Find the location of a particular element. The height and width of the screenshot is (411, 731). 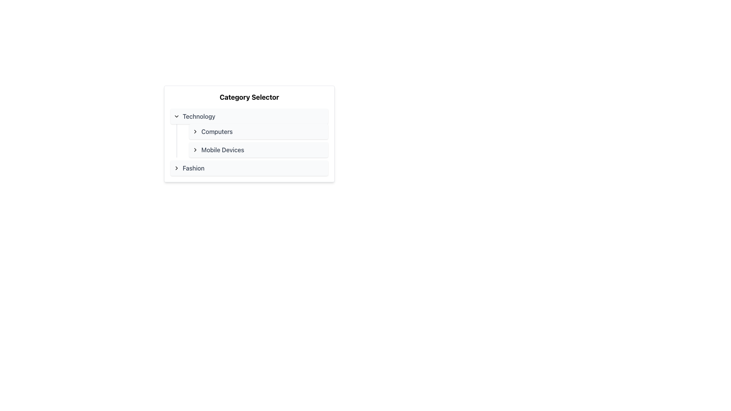

the text label displaying 'Computers' located within the 'Technology' category menu, positioned to the right of the arrow icon is located at coordinates (217, 131).